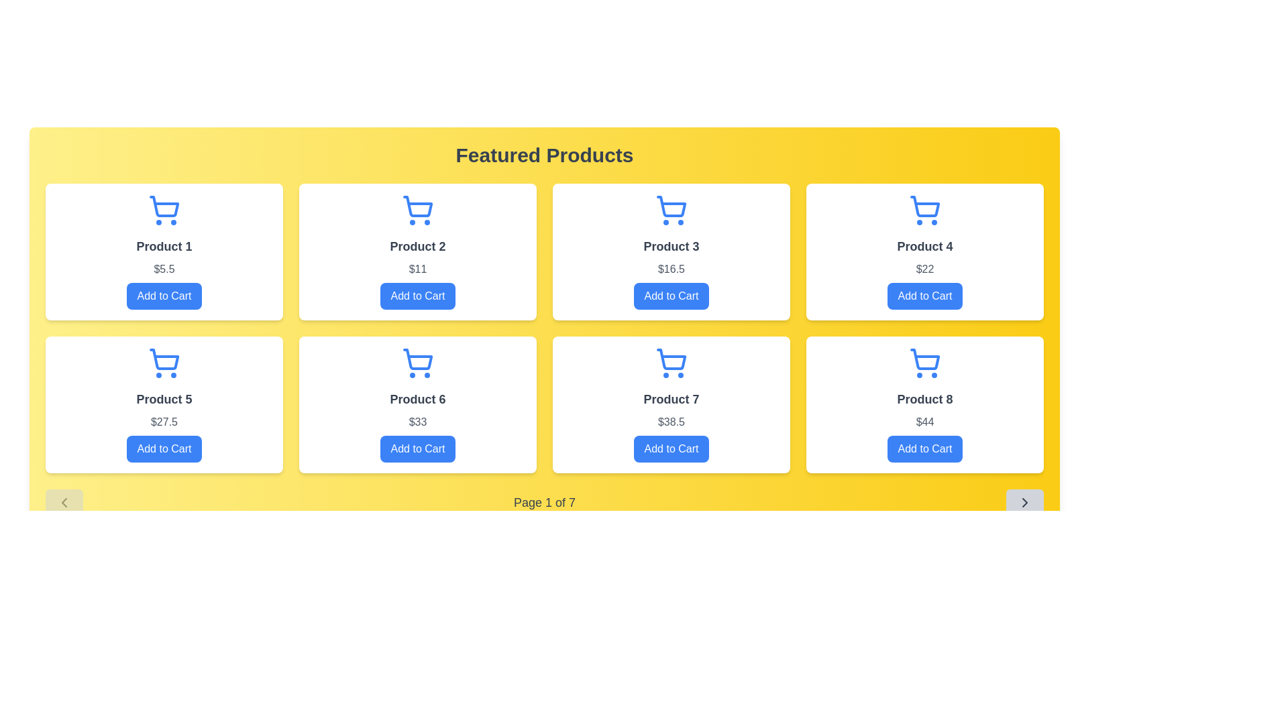 The width and height of the screenshot is (1288, 724). Describe the element at coordinates (417, 206) in the screenshot. I see `the shopping cart icon located at the top center of the second product card in the first row of the product grid, which is visually centered above the product title 'Product 2' and price '$11'` at that location.